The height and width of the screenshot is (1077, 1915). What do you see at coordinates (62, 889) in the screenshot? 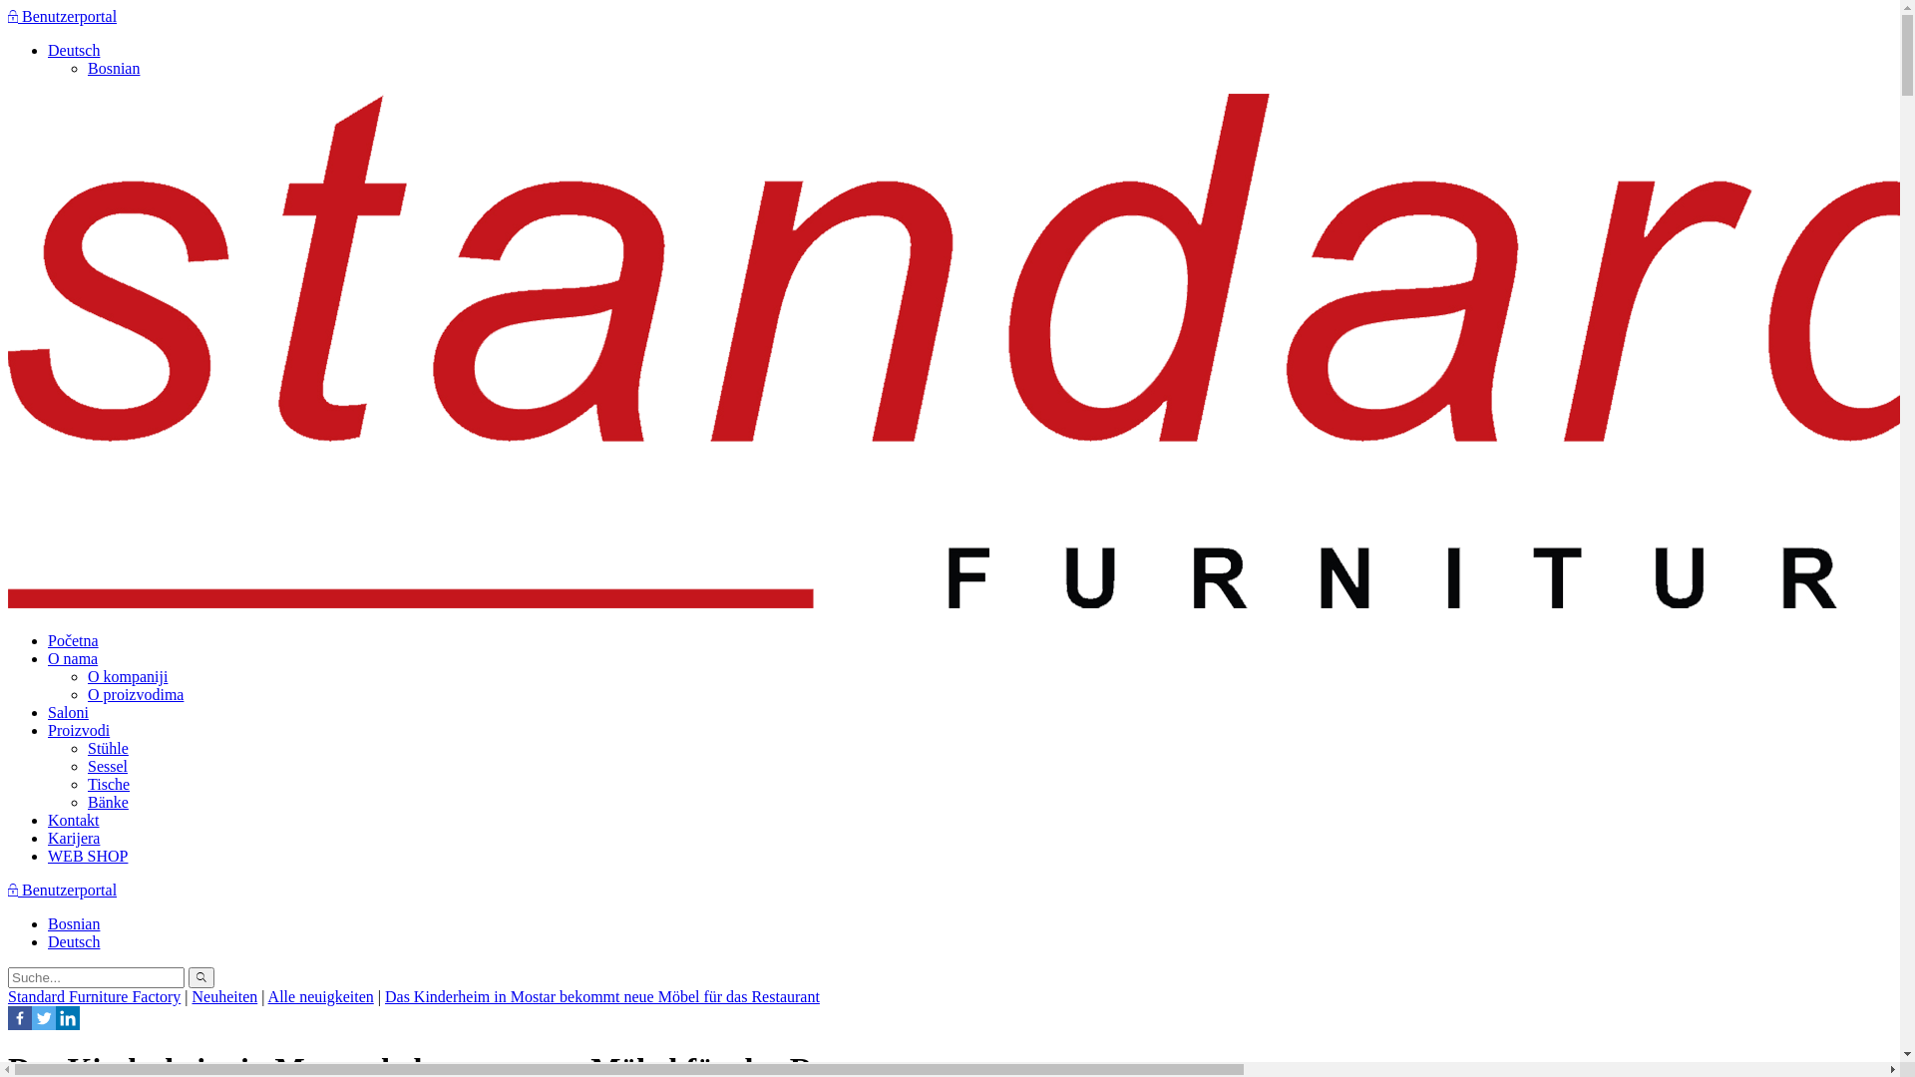
I see `'Benutzerportal'` at bounding box center [62, 889].